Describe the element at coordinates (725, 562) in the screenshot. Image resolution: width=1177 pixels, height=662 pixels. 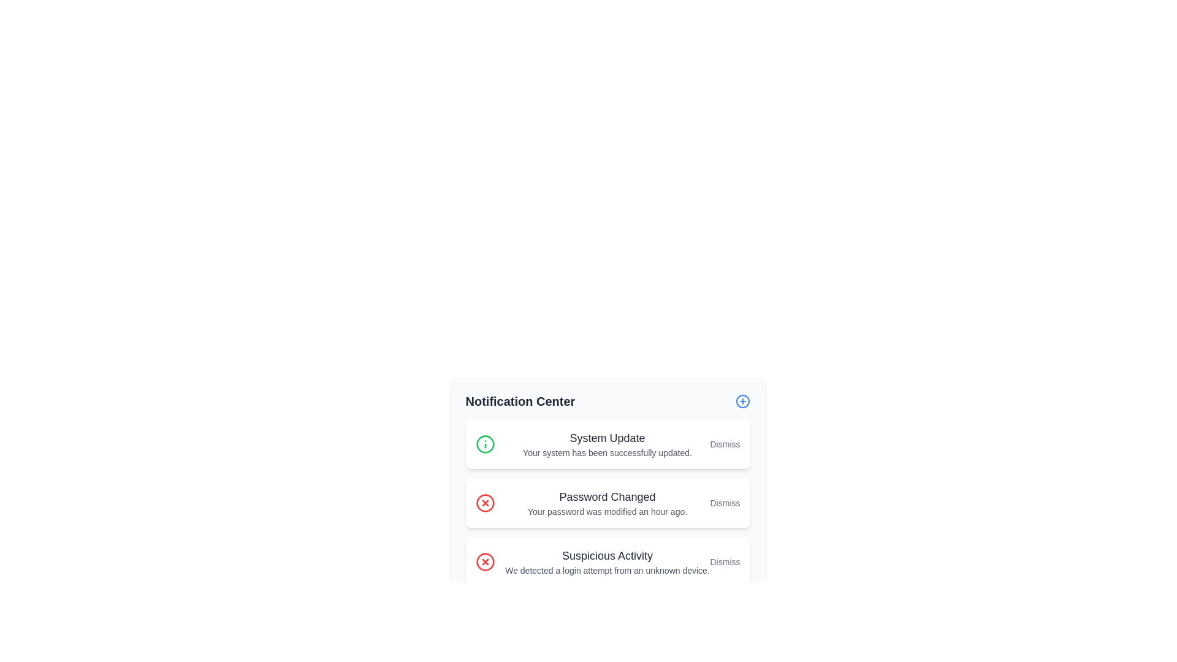
I see `the dismiss button located at the far-right of the 'Suspicious Activity' notification card` at that location.